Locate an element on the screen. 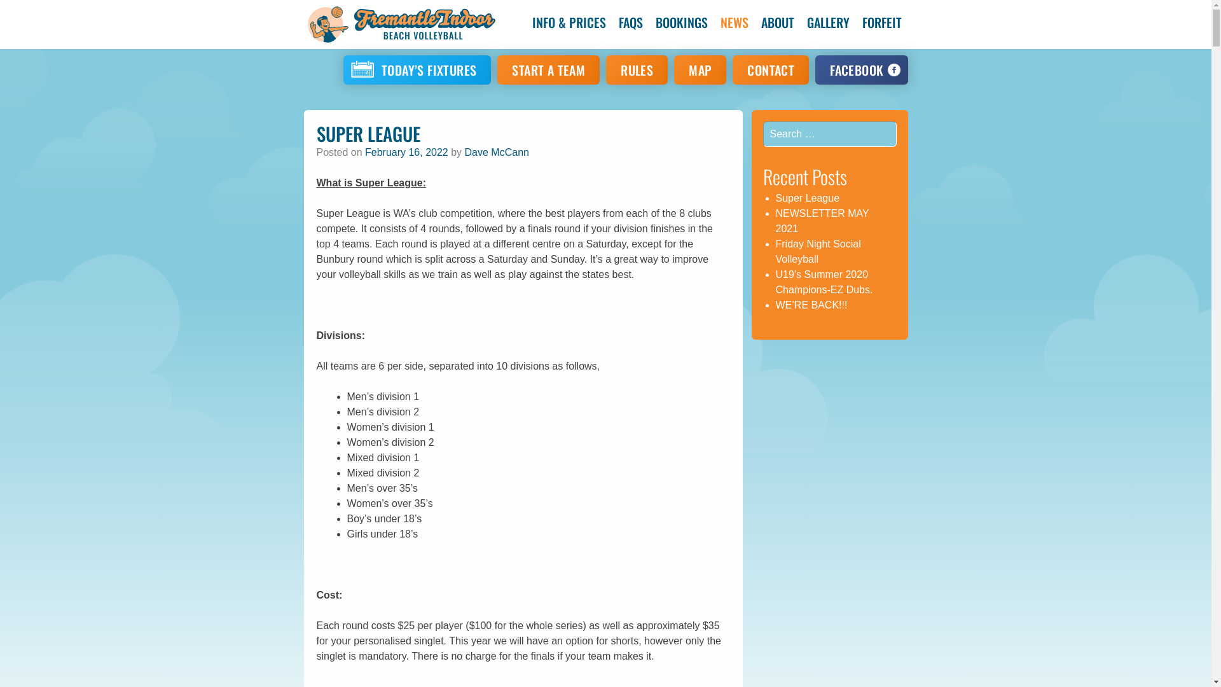 This screenshot has width=1221, height=687. 'Dave McCann' is located at coordinates (464, 151).